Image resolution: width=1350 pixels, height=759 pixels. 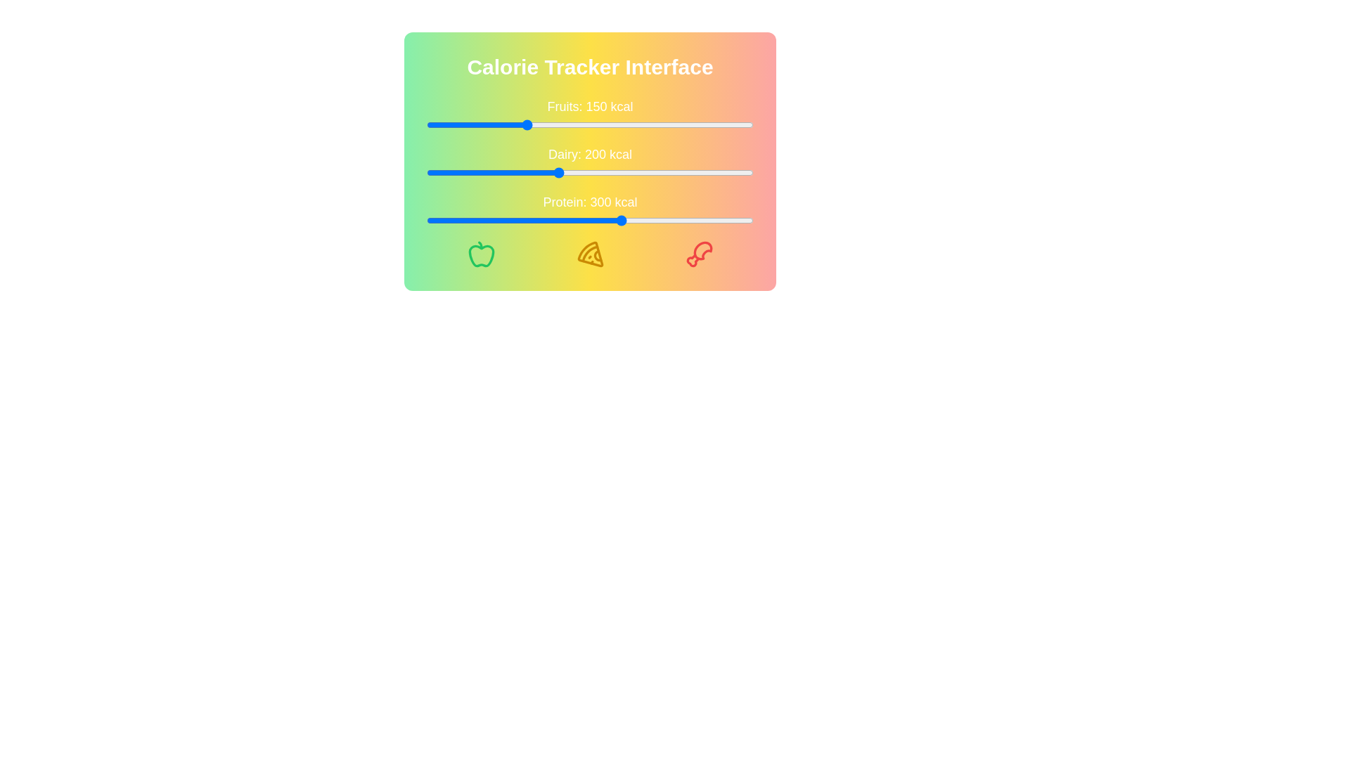 What do you see at coordinates (655, 220) in the screenshot?
I see `the Protein slider to 351 kcal` at bounding box center [655, 220].